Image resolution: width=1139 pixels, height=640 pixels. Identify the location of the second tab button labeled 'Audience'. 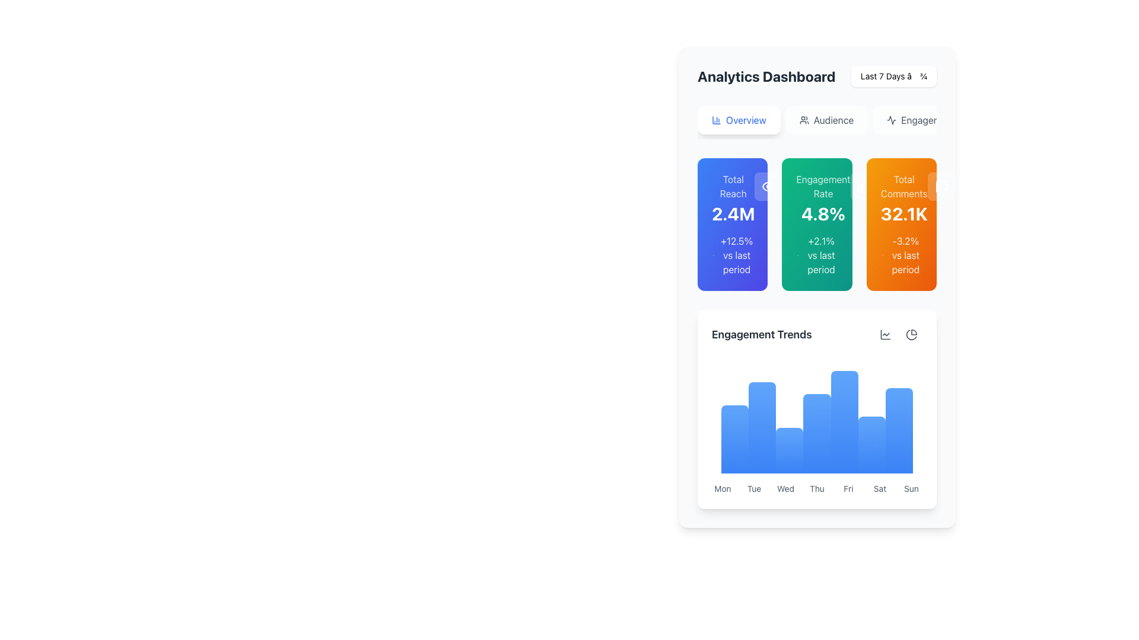
(816, 123).